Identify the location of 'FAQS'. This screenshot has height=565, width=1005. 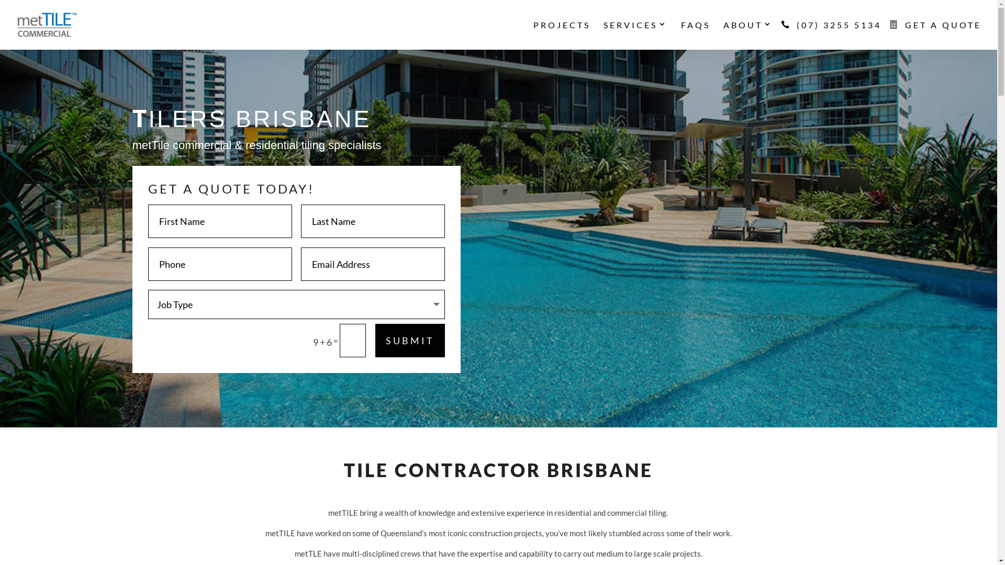
(680, 35).